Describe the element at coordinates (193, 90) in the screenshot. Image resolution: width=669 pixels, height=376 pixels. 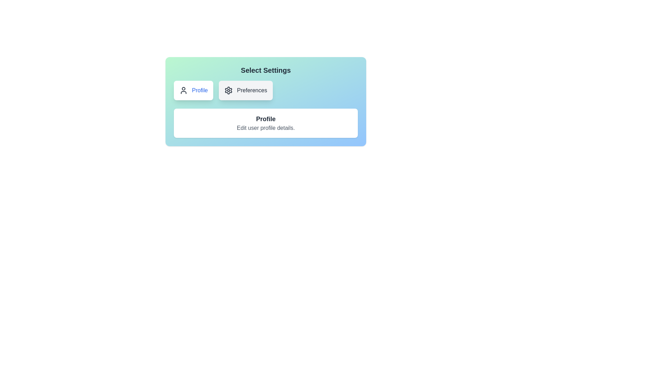
I see `the first button labeled 'Profile'` at that location.